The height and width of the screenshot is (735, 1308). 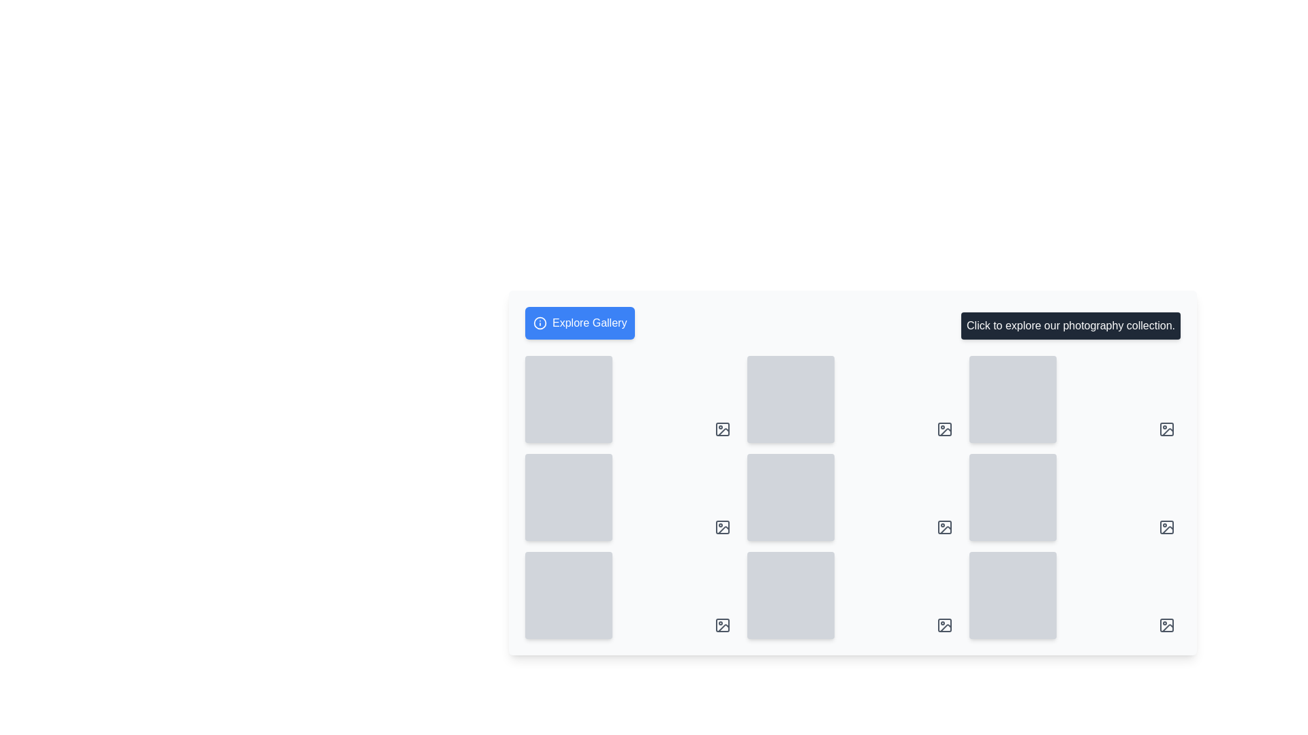 I want to click on the photograph icon located in the bottom-right corner of the rectangular card to interact with it, so click(x=1166, y=527).